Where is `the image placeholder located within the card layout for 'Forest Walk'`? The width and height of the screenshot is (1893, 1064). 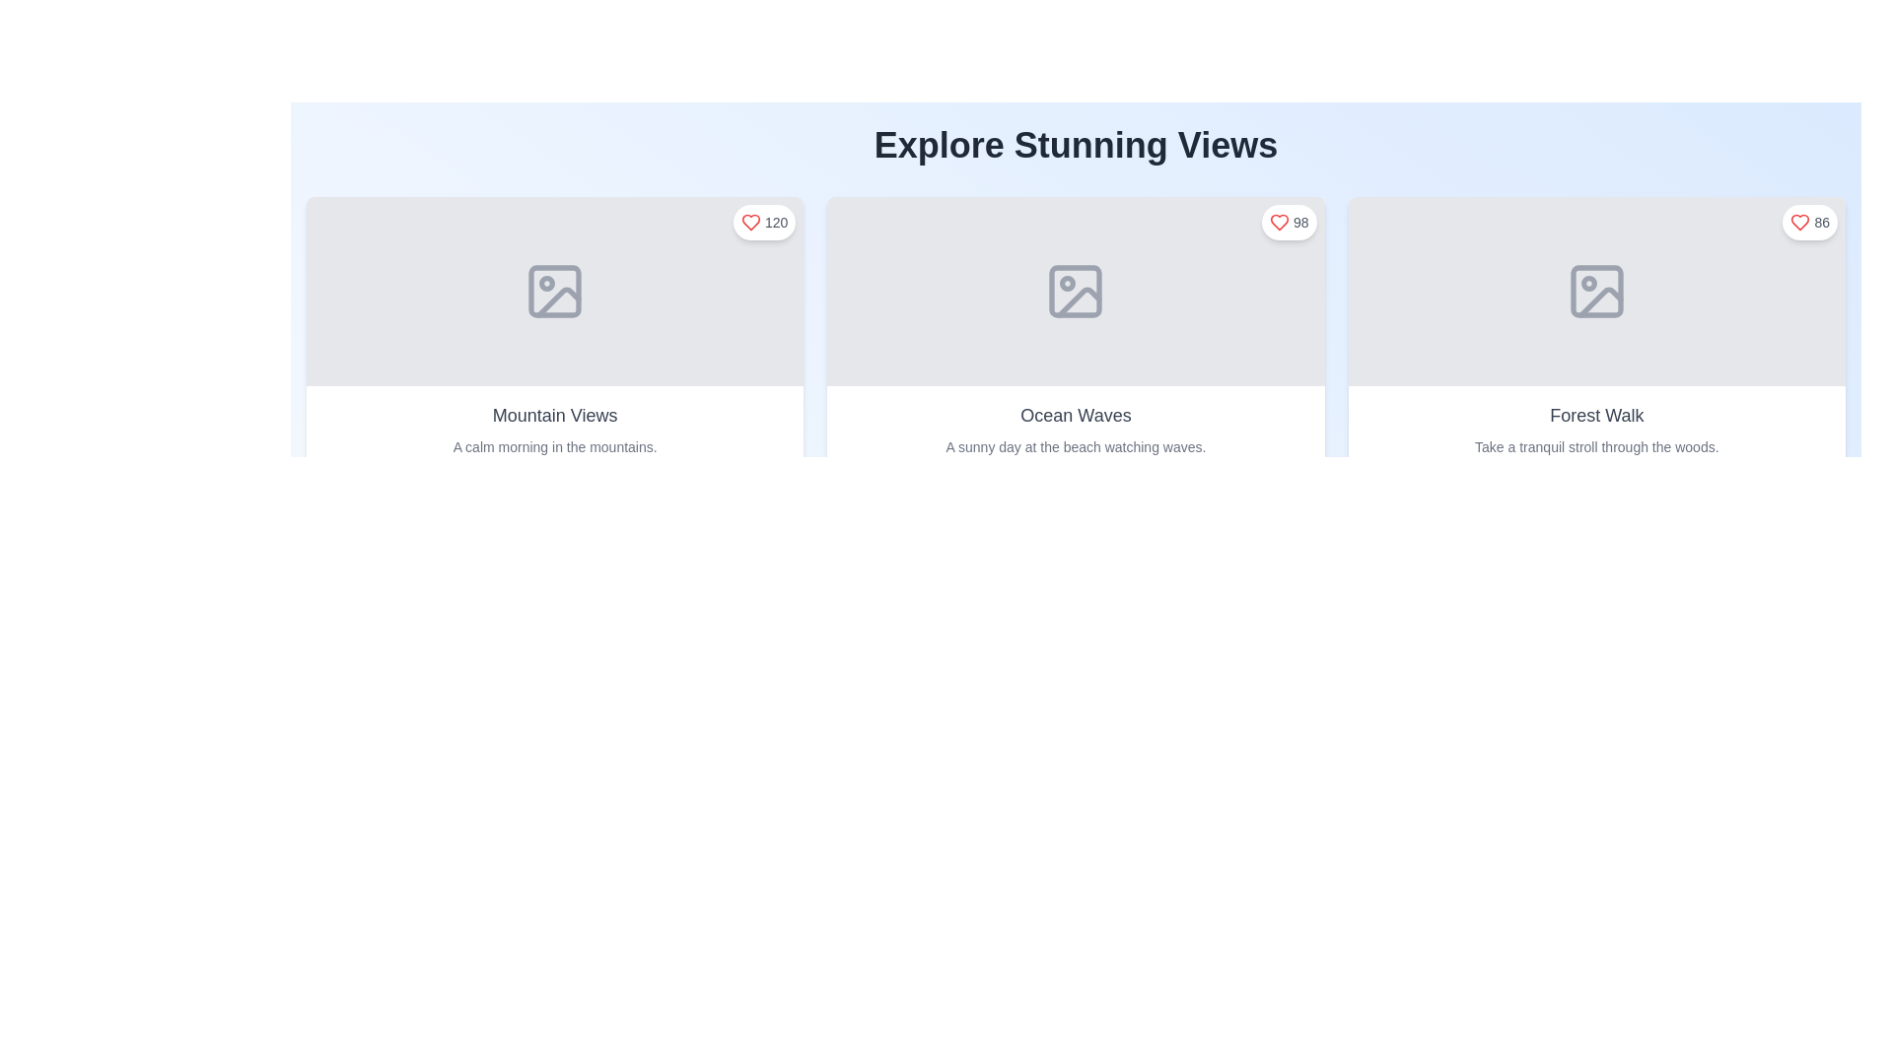
the image placeholder located within the card layout for 'Forest Walk' is located at coordinates (1596, 292).